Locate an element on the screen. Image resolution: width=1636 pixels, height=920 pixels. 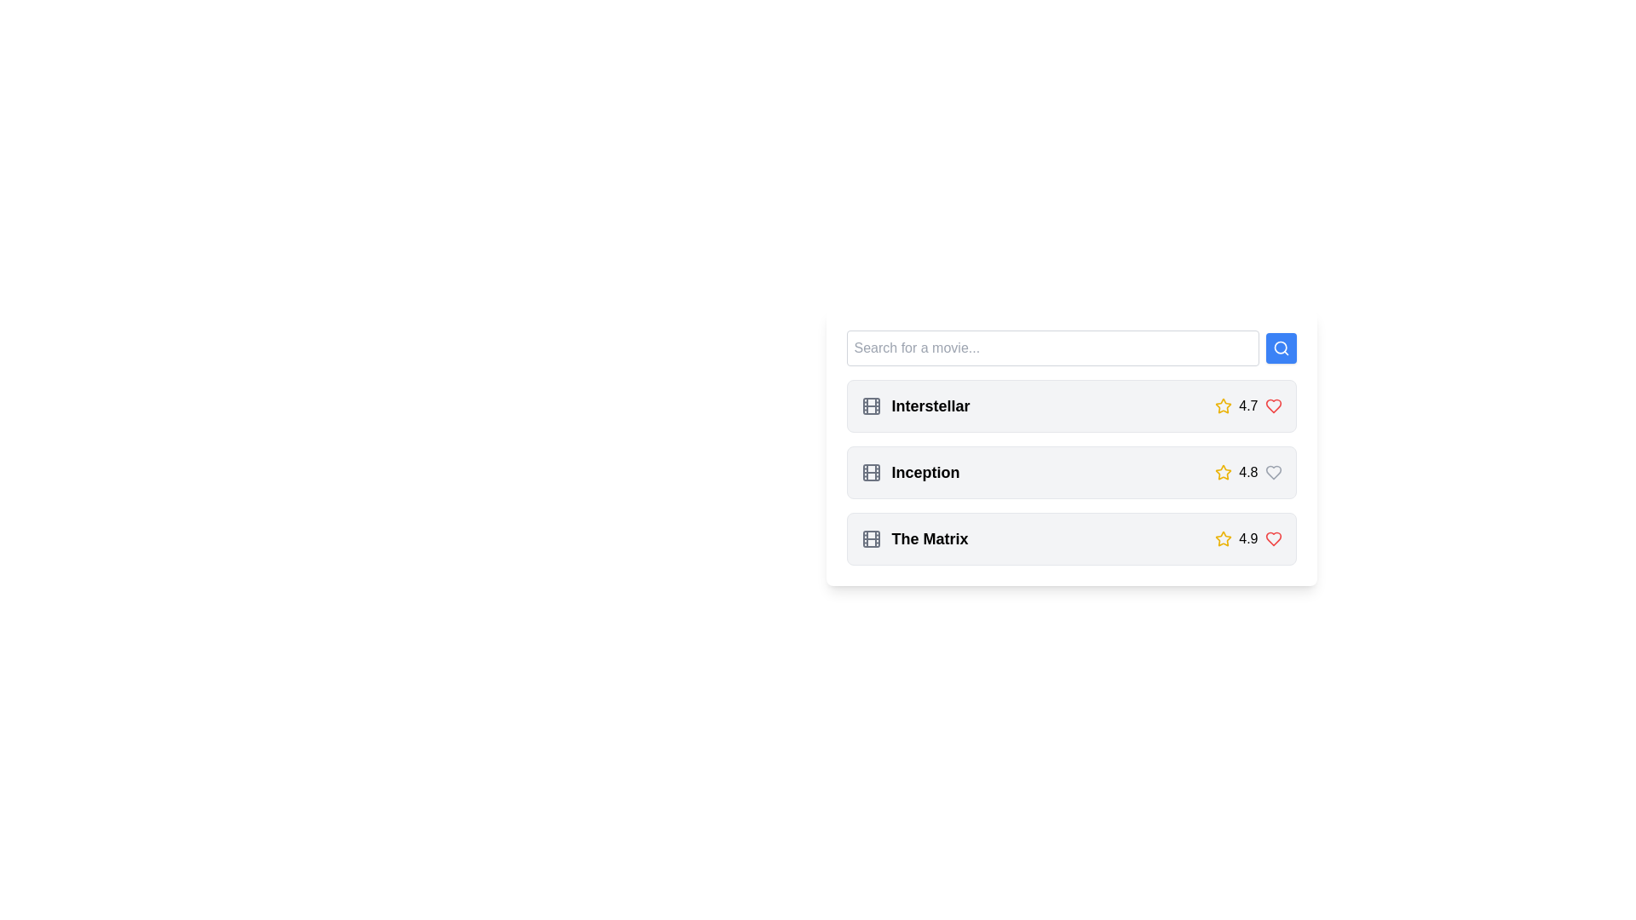
the text input of the Search bar to start typing movie names is located at coordinates (1070, 347).